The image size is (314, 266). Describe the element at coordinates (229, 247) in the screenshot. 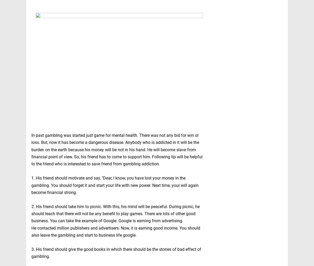

I see `'Air'` at that location.